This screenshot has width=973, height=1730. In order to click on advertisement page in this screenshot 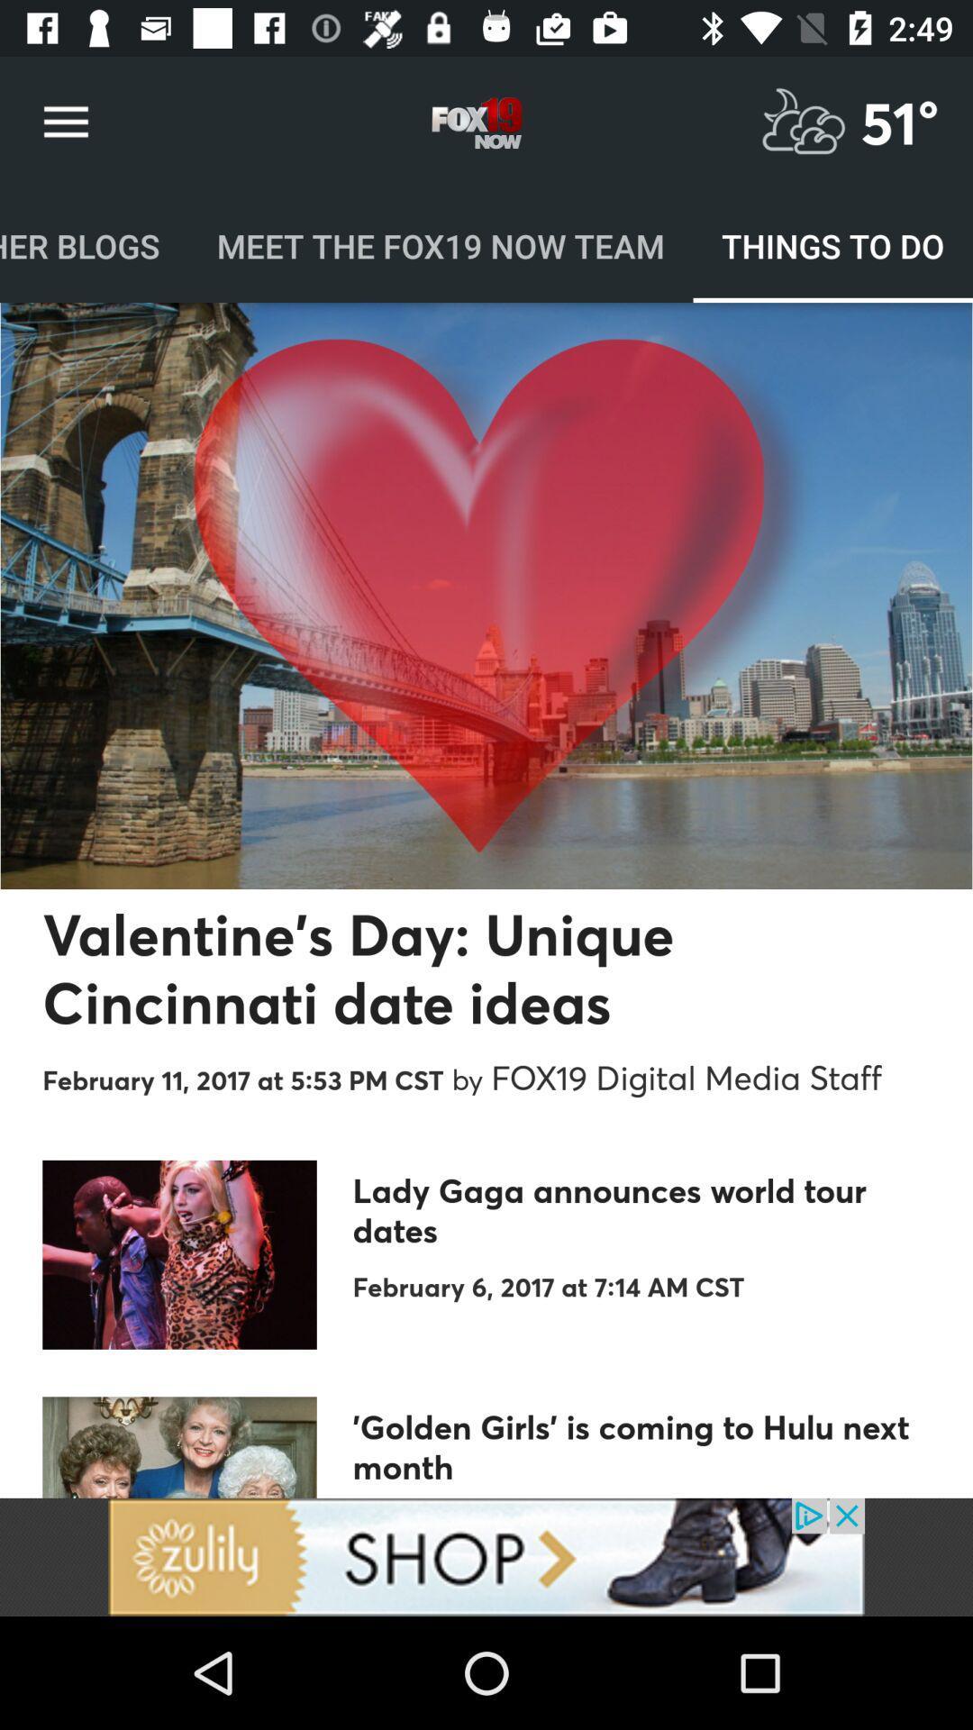, I will do `click(486, 1556)`.